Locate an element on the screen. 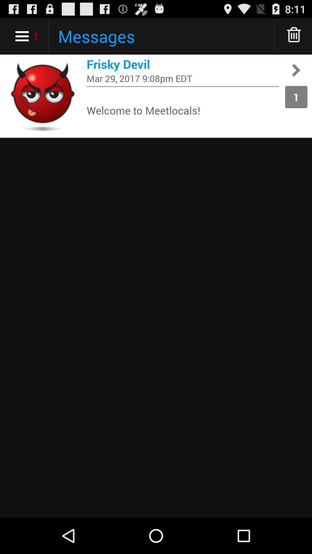  the item next to 1 is located at coordinates (183, 78).